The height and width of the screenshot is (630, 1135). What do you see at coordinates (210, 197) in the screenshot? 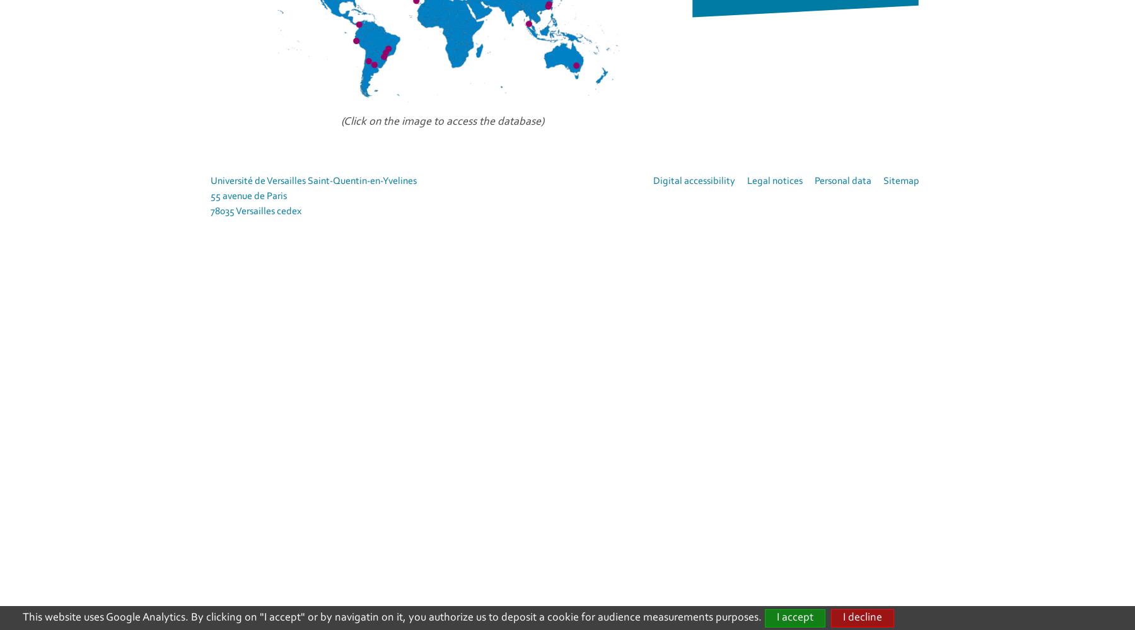
I see `'55 avenue de Paris'` at bounding box center [210, 197].